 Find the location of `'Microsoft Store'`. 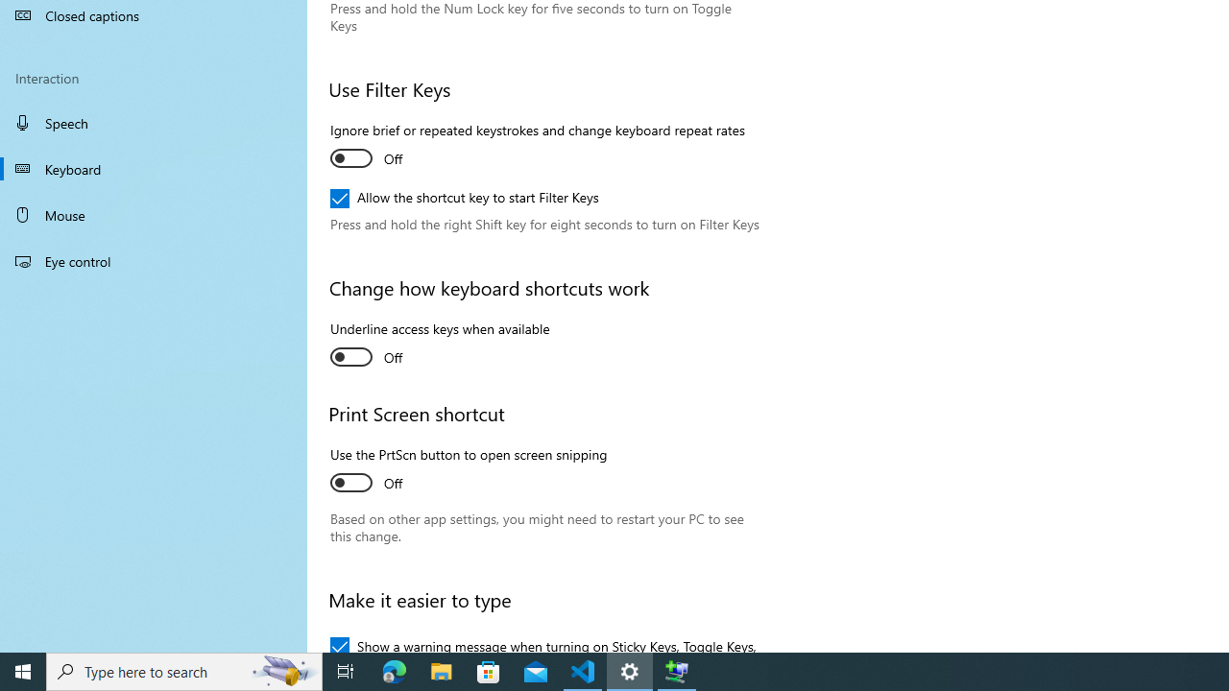

'Microsoft Store' is located at coordinates (489, 670).